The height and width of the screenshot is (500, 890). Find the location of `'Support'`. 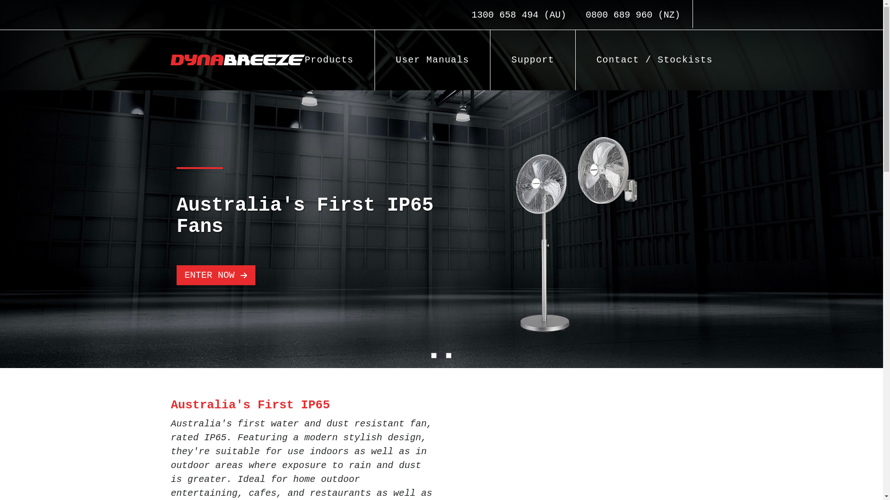

'Support' is located at coordinates (489, 60).